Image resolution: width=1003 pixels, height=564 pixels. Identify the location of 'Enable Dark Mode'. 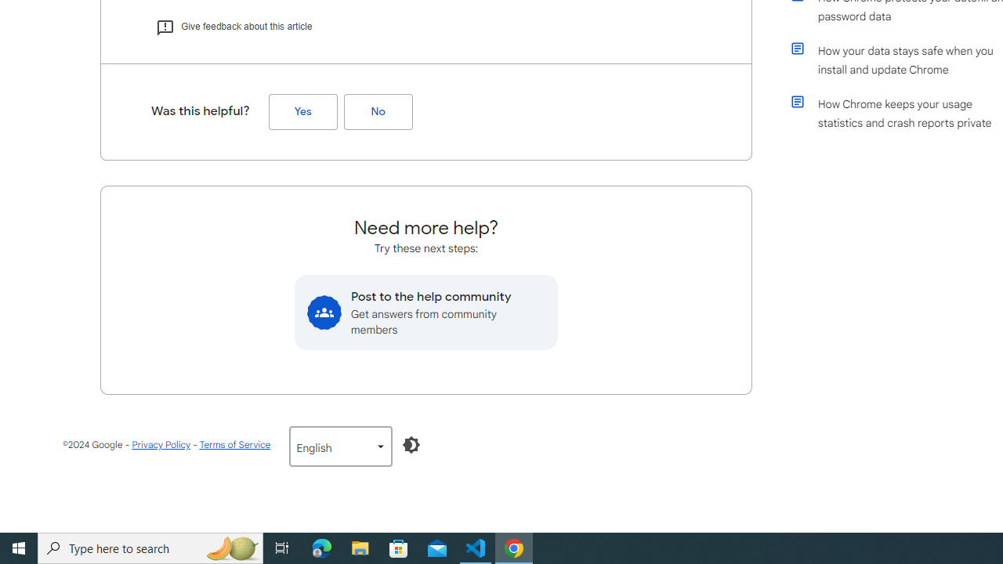
(411, 445).